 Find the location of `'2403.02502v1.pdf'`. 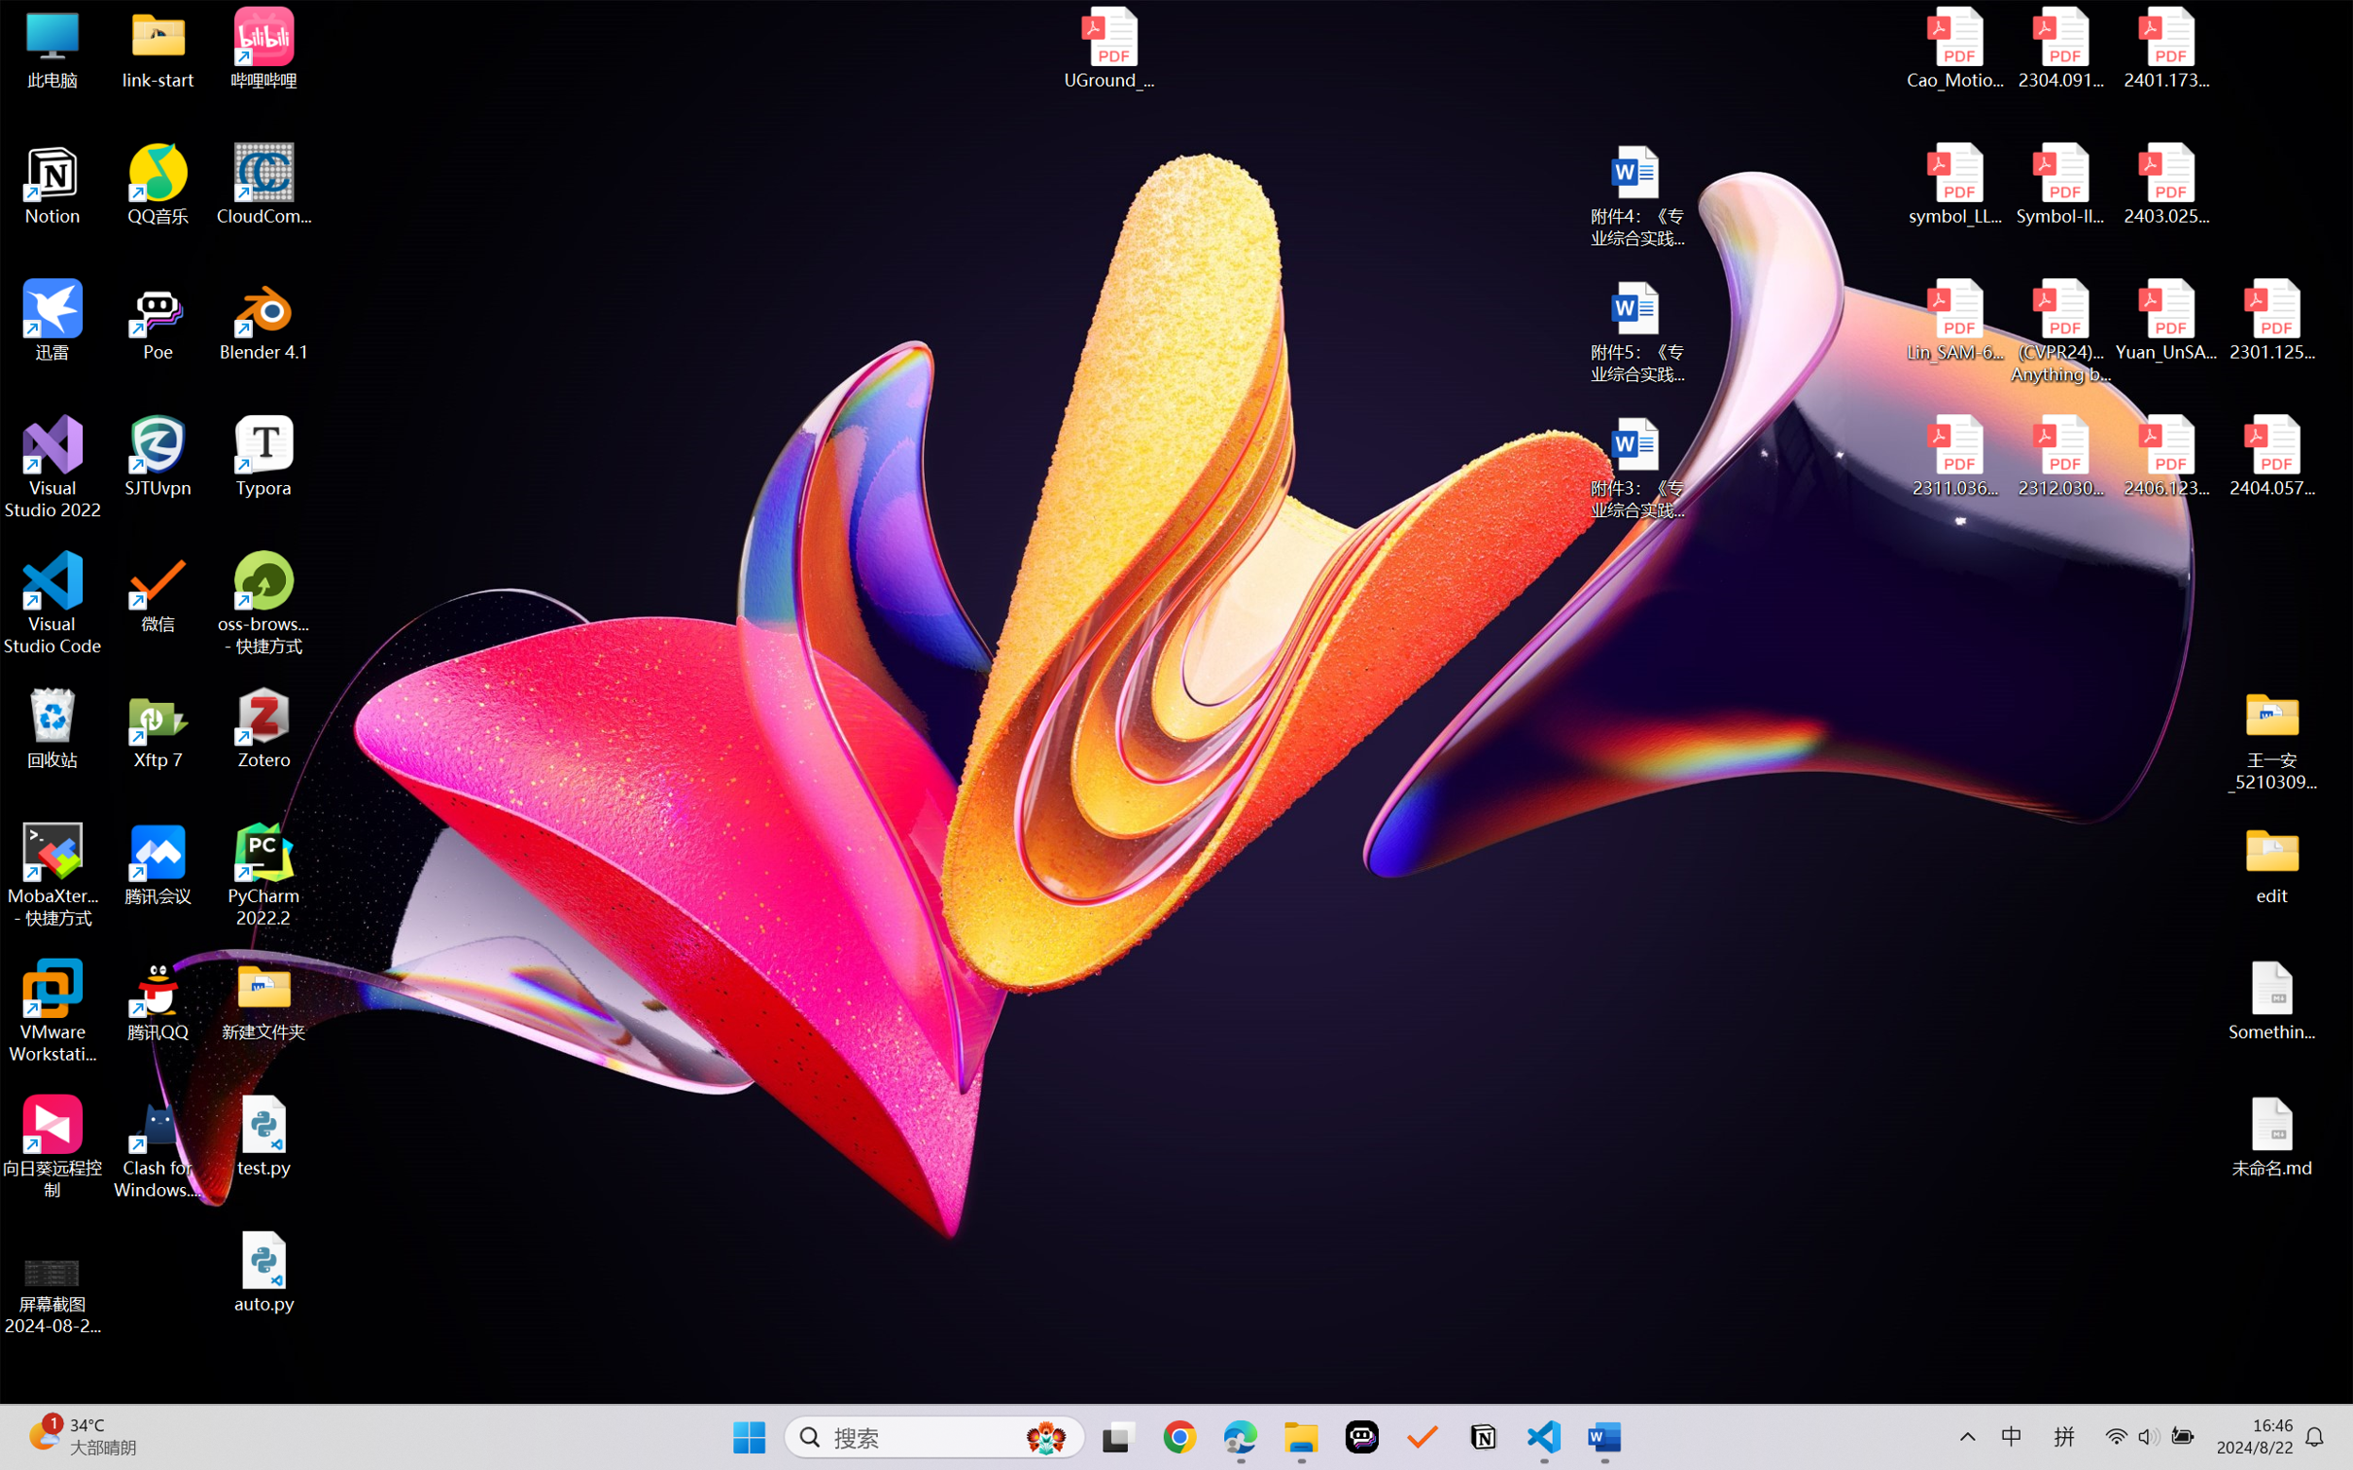

'2403.02502v1.pdf' is located at coordinates (2164, 185).